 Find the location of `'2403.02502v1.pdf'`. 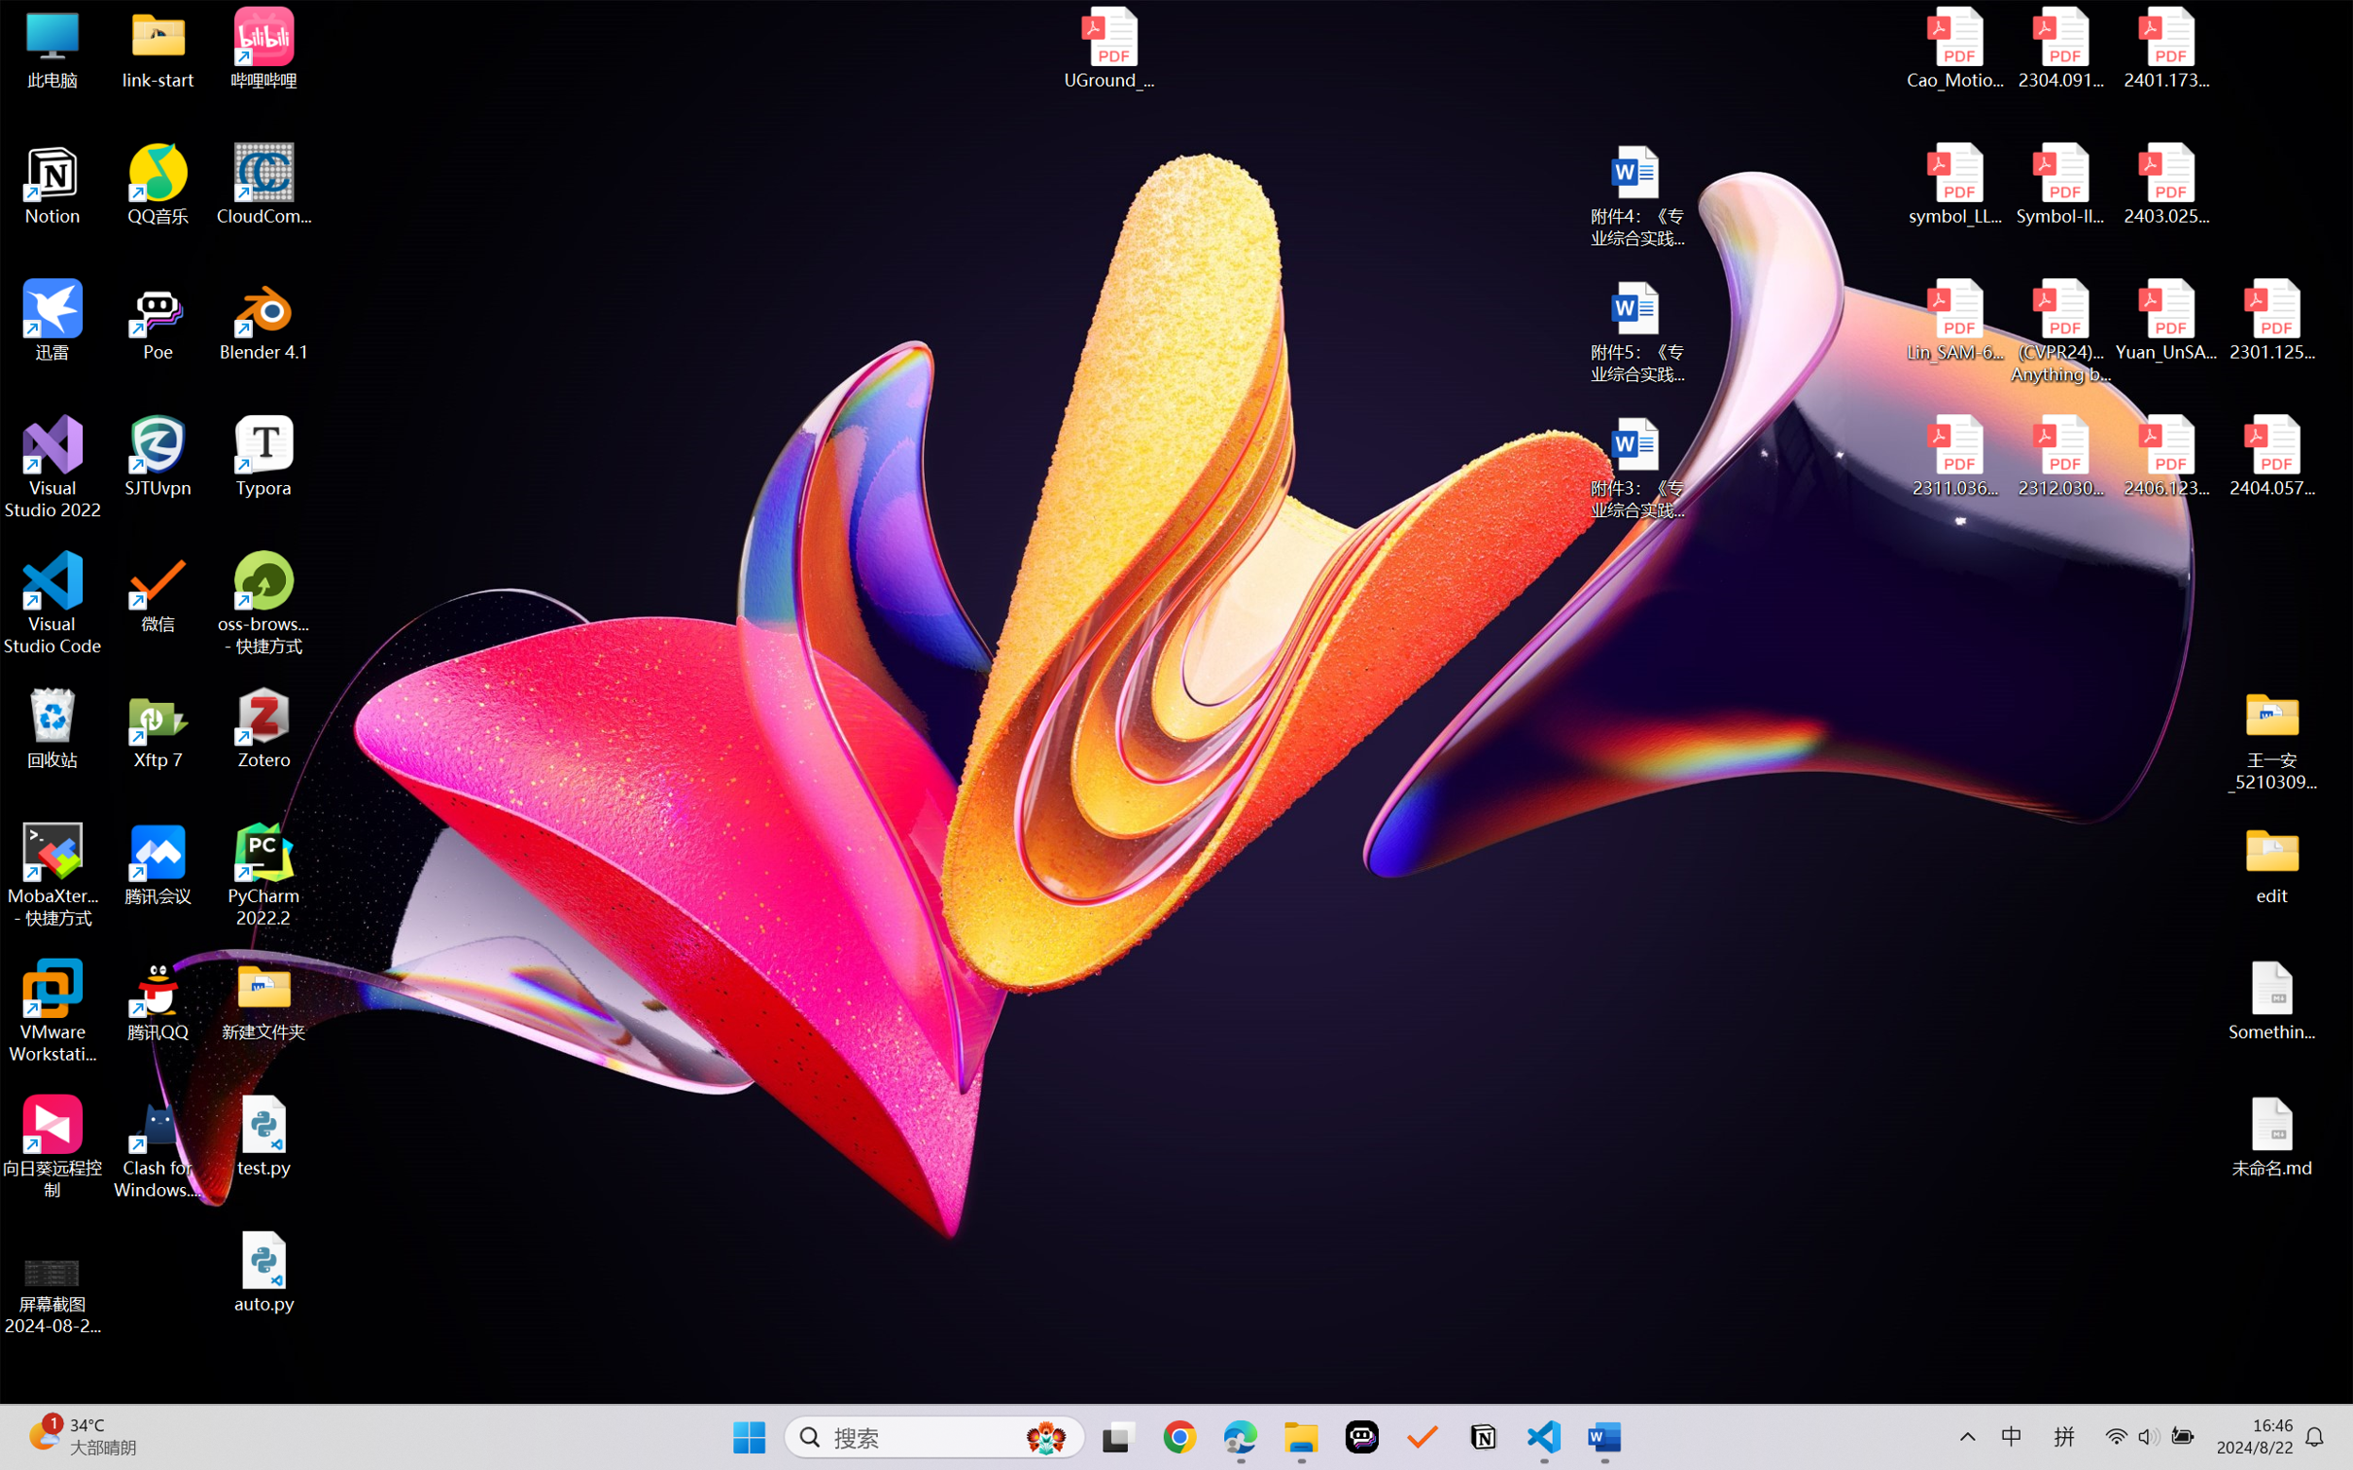

'2403.02502v1.pdf' is located at coordinates (2164, 185).